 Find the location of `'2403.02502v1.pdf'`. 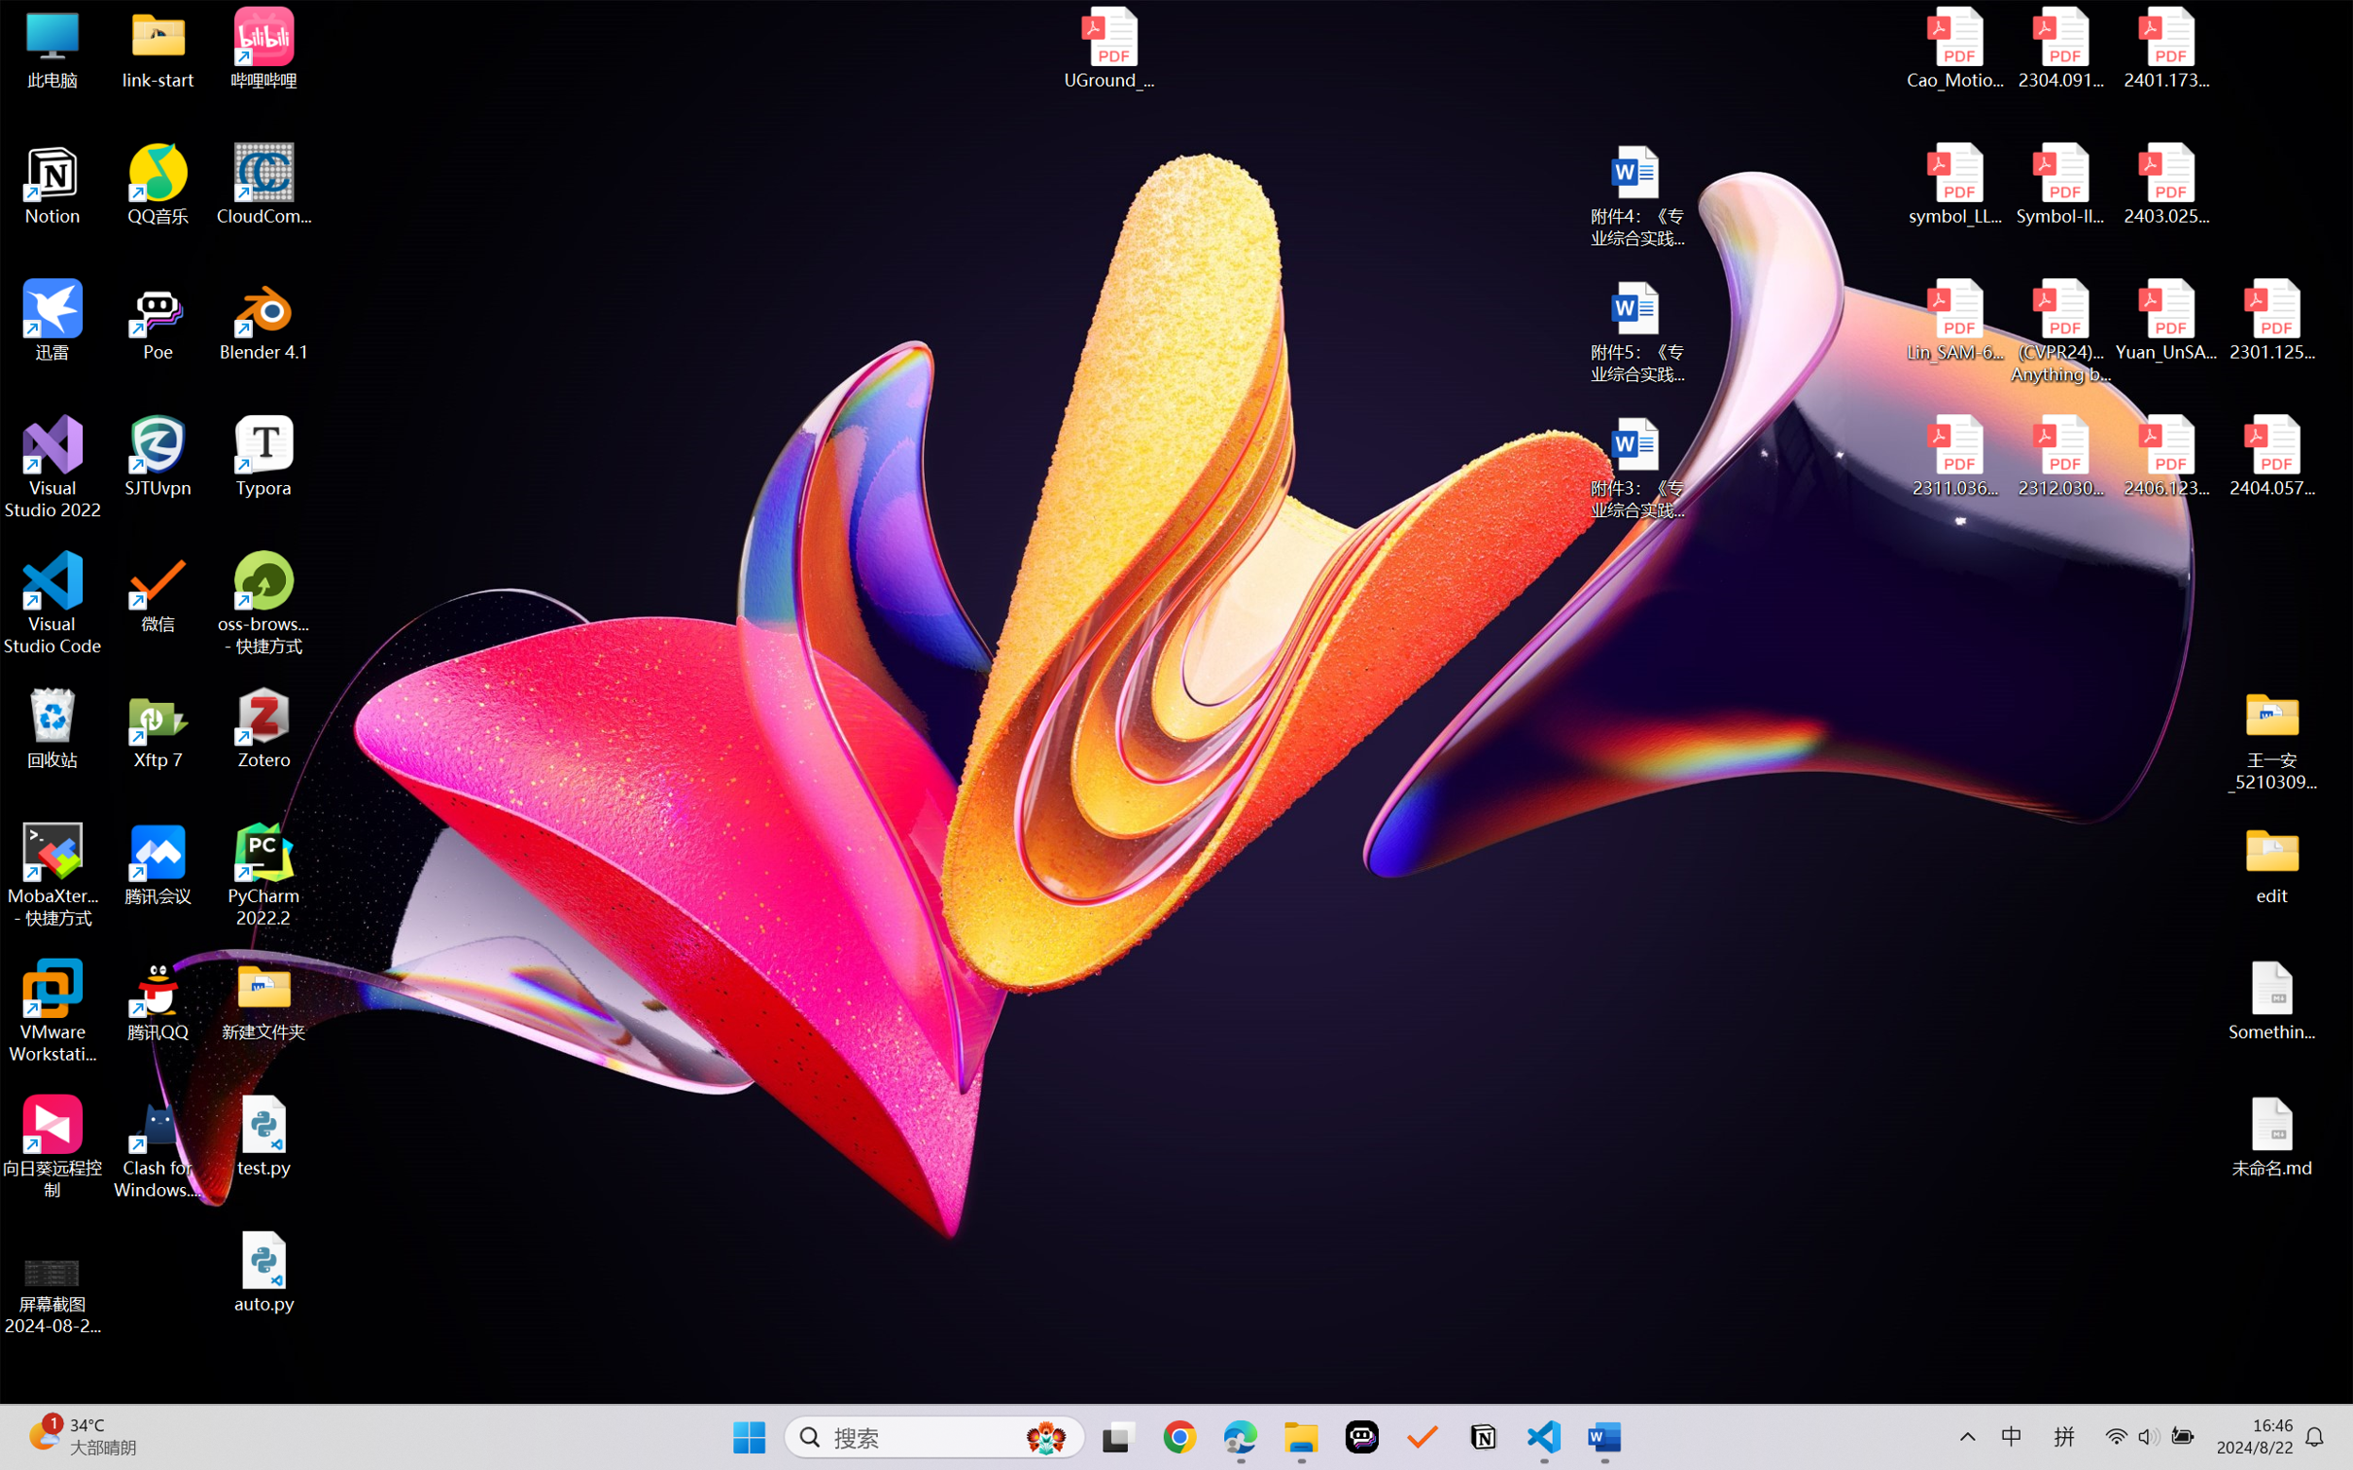

'2403.02502v1.pdf' is located at coordinates (2164, 185).